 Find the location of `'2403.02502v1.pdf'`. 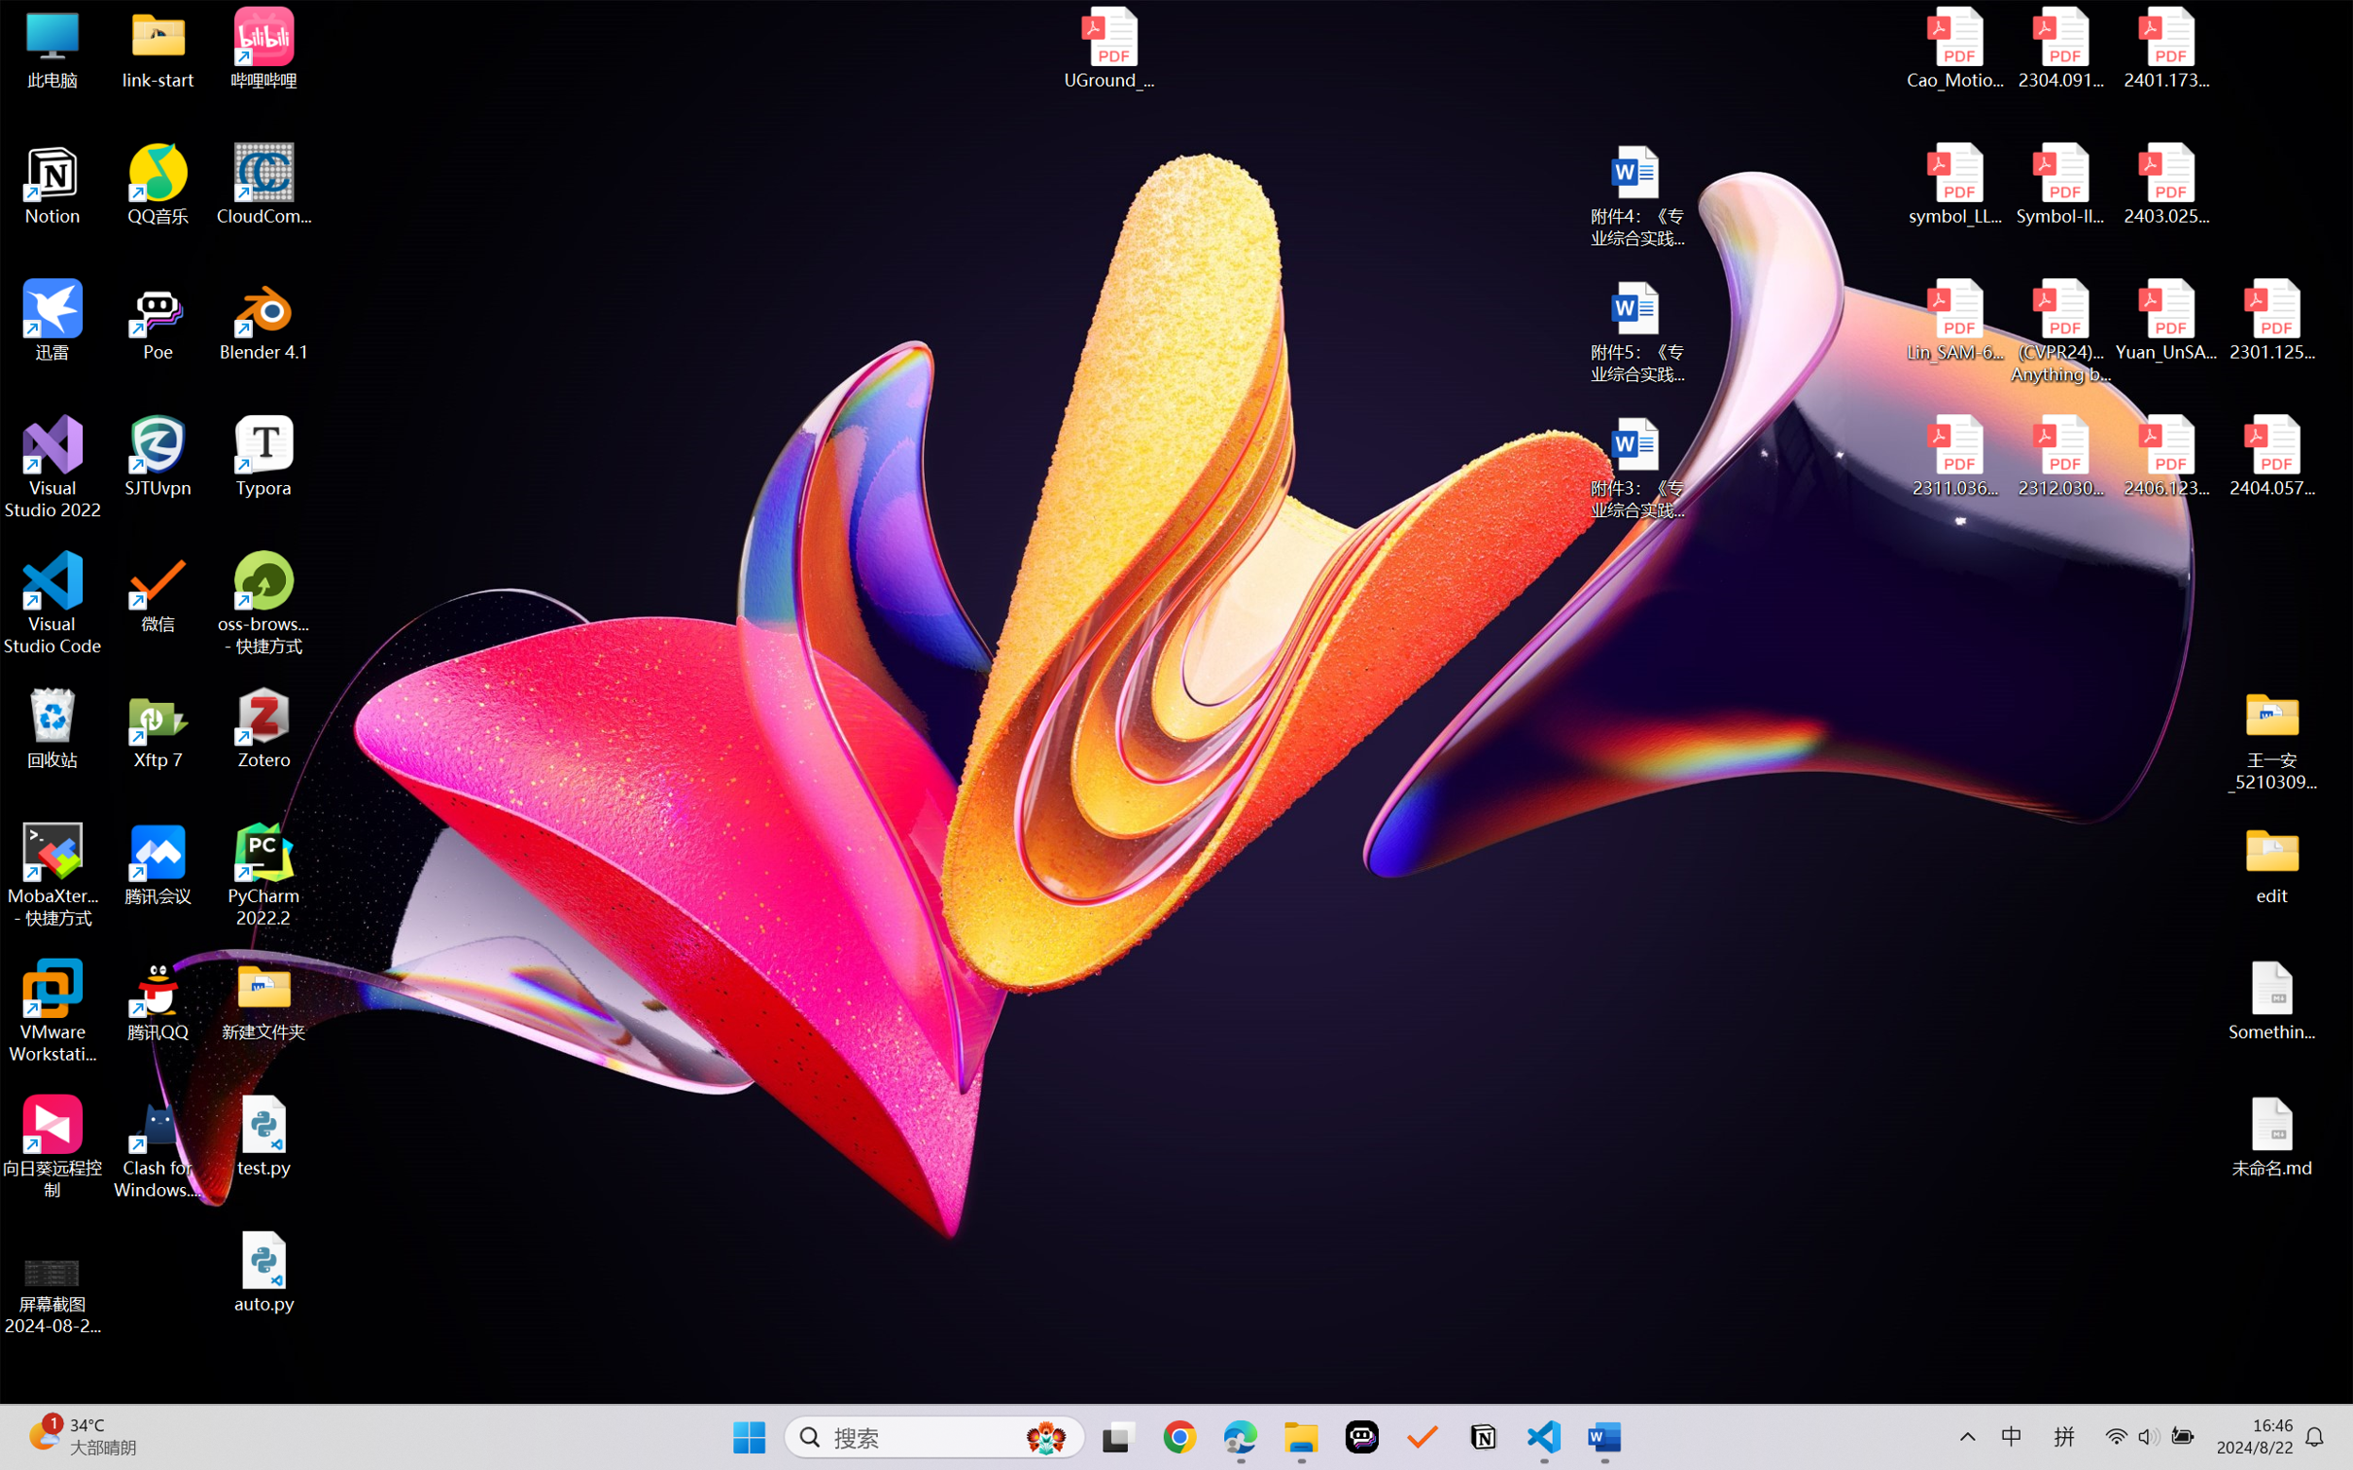

'2403.02502v1.pdf' is located at coordinates (2164, 185).